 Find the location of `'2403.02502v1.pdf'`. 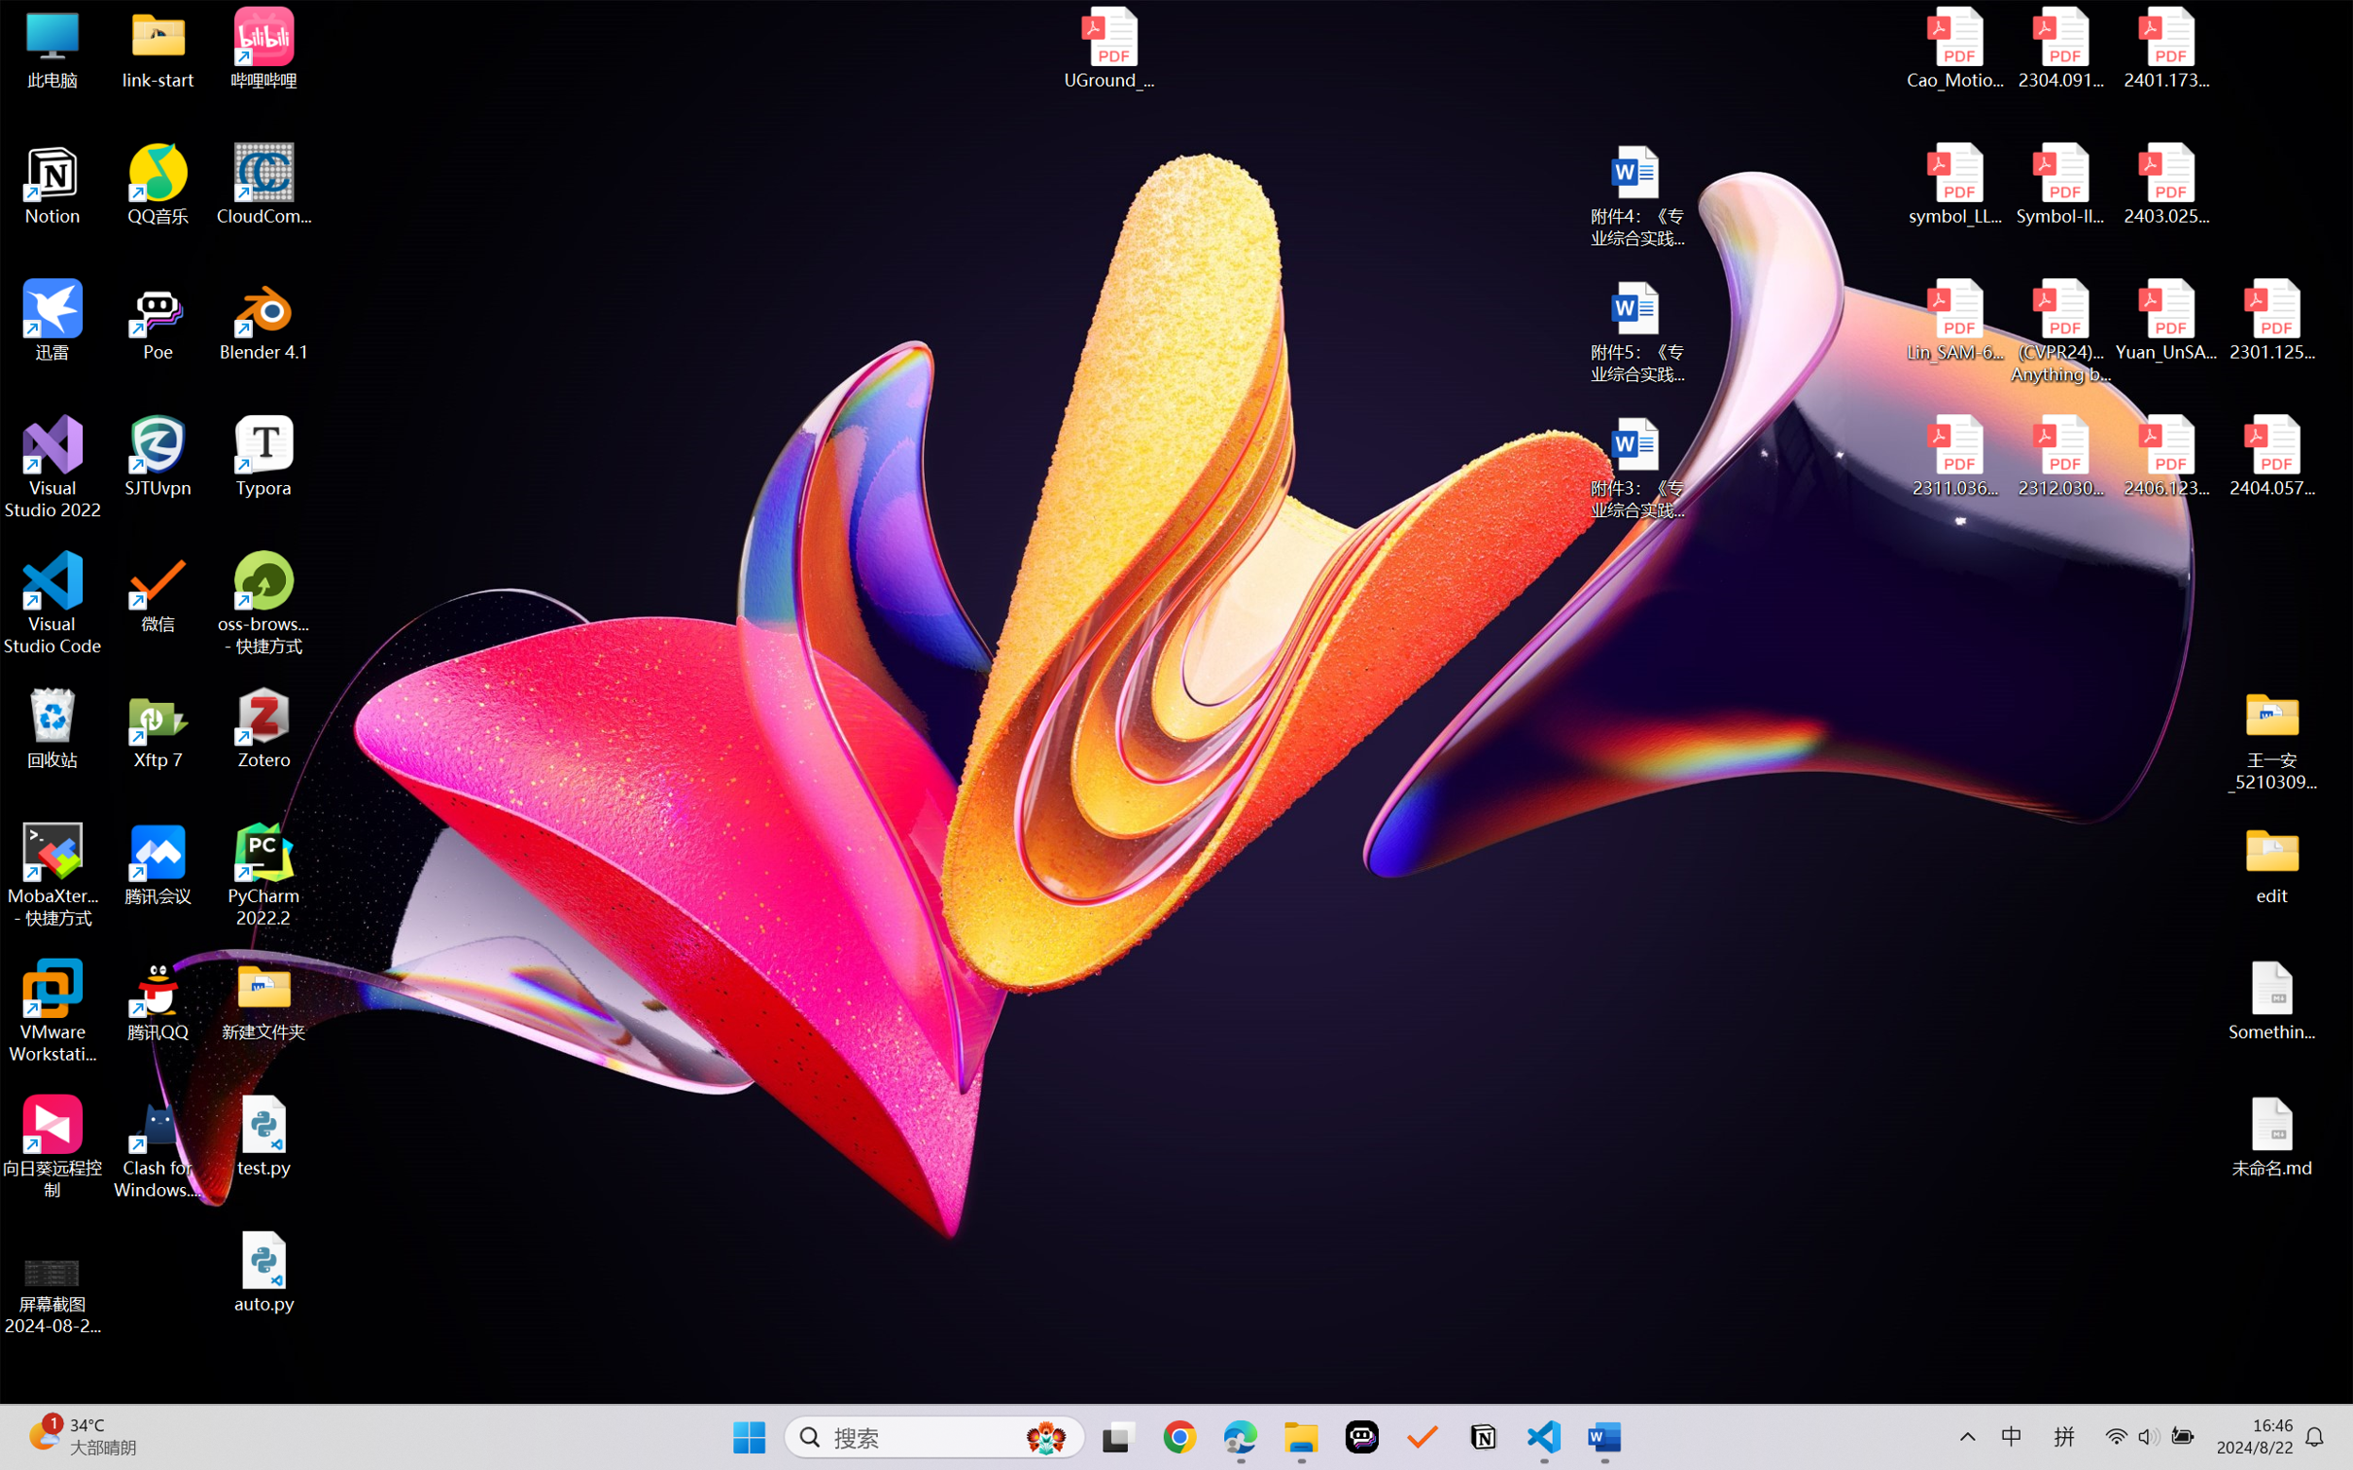

'2403.02502v1.pdf' is located at coordinates (2164, 185).